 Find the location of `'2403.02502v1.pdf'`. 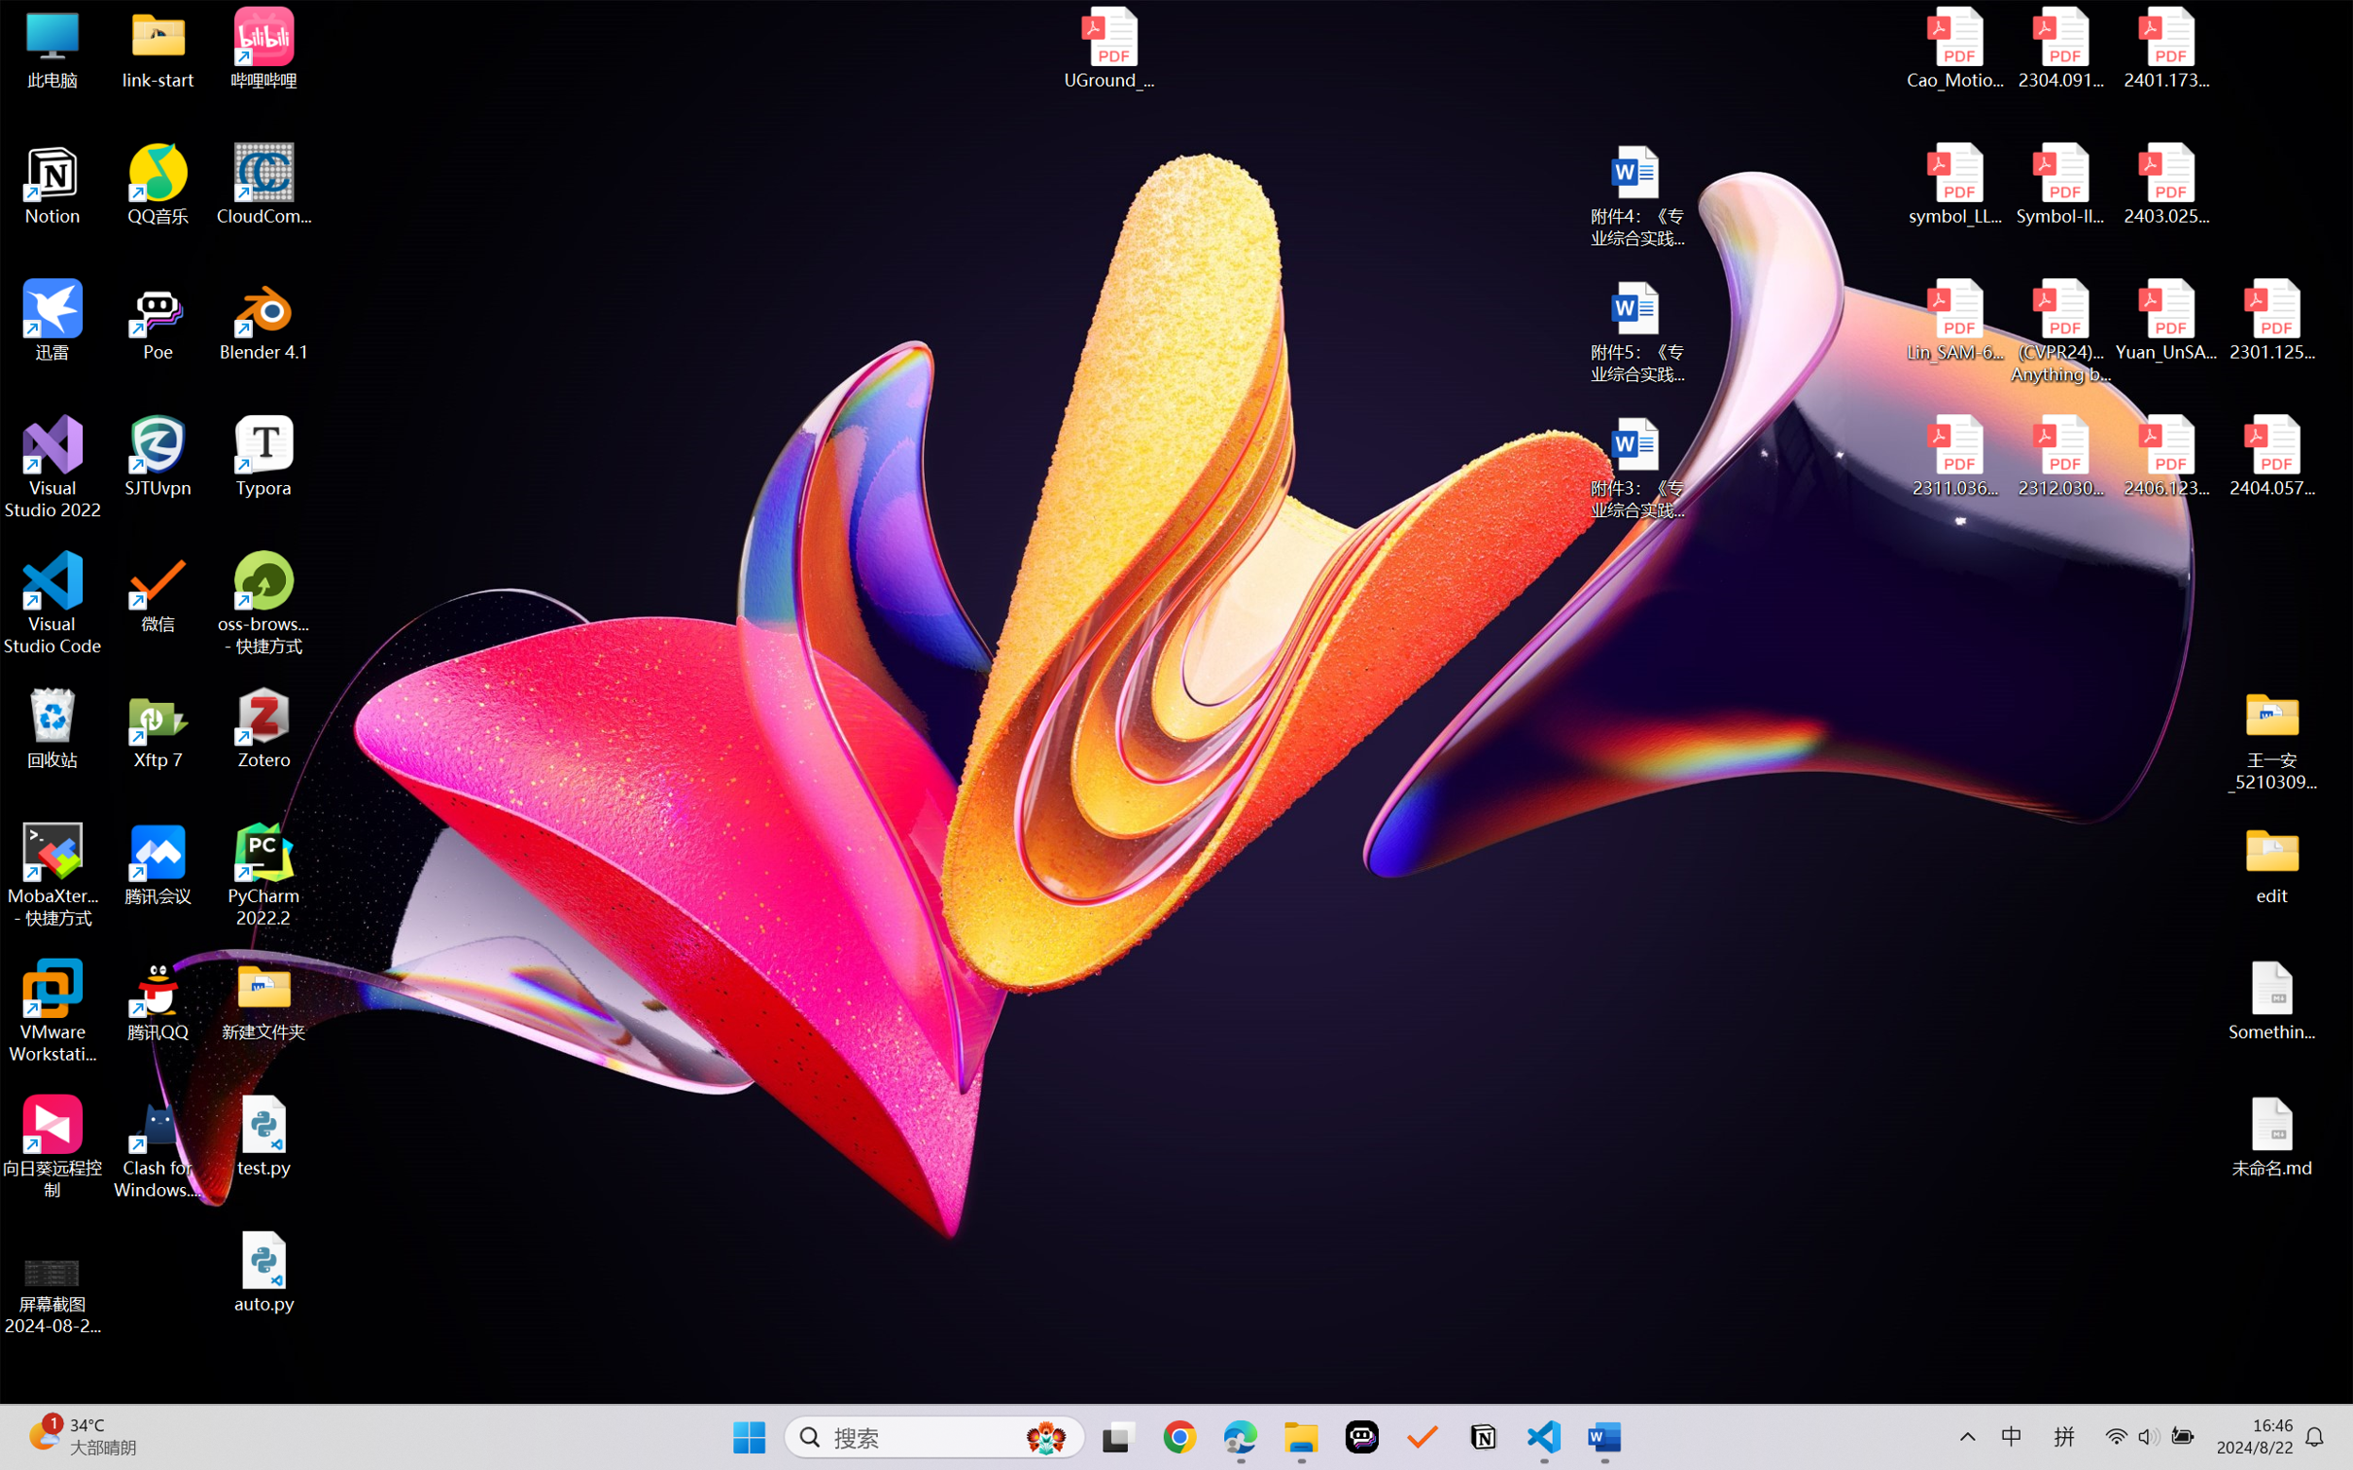

'2403.02502v1.pdf' is located at coordinates (2164, 185).